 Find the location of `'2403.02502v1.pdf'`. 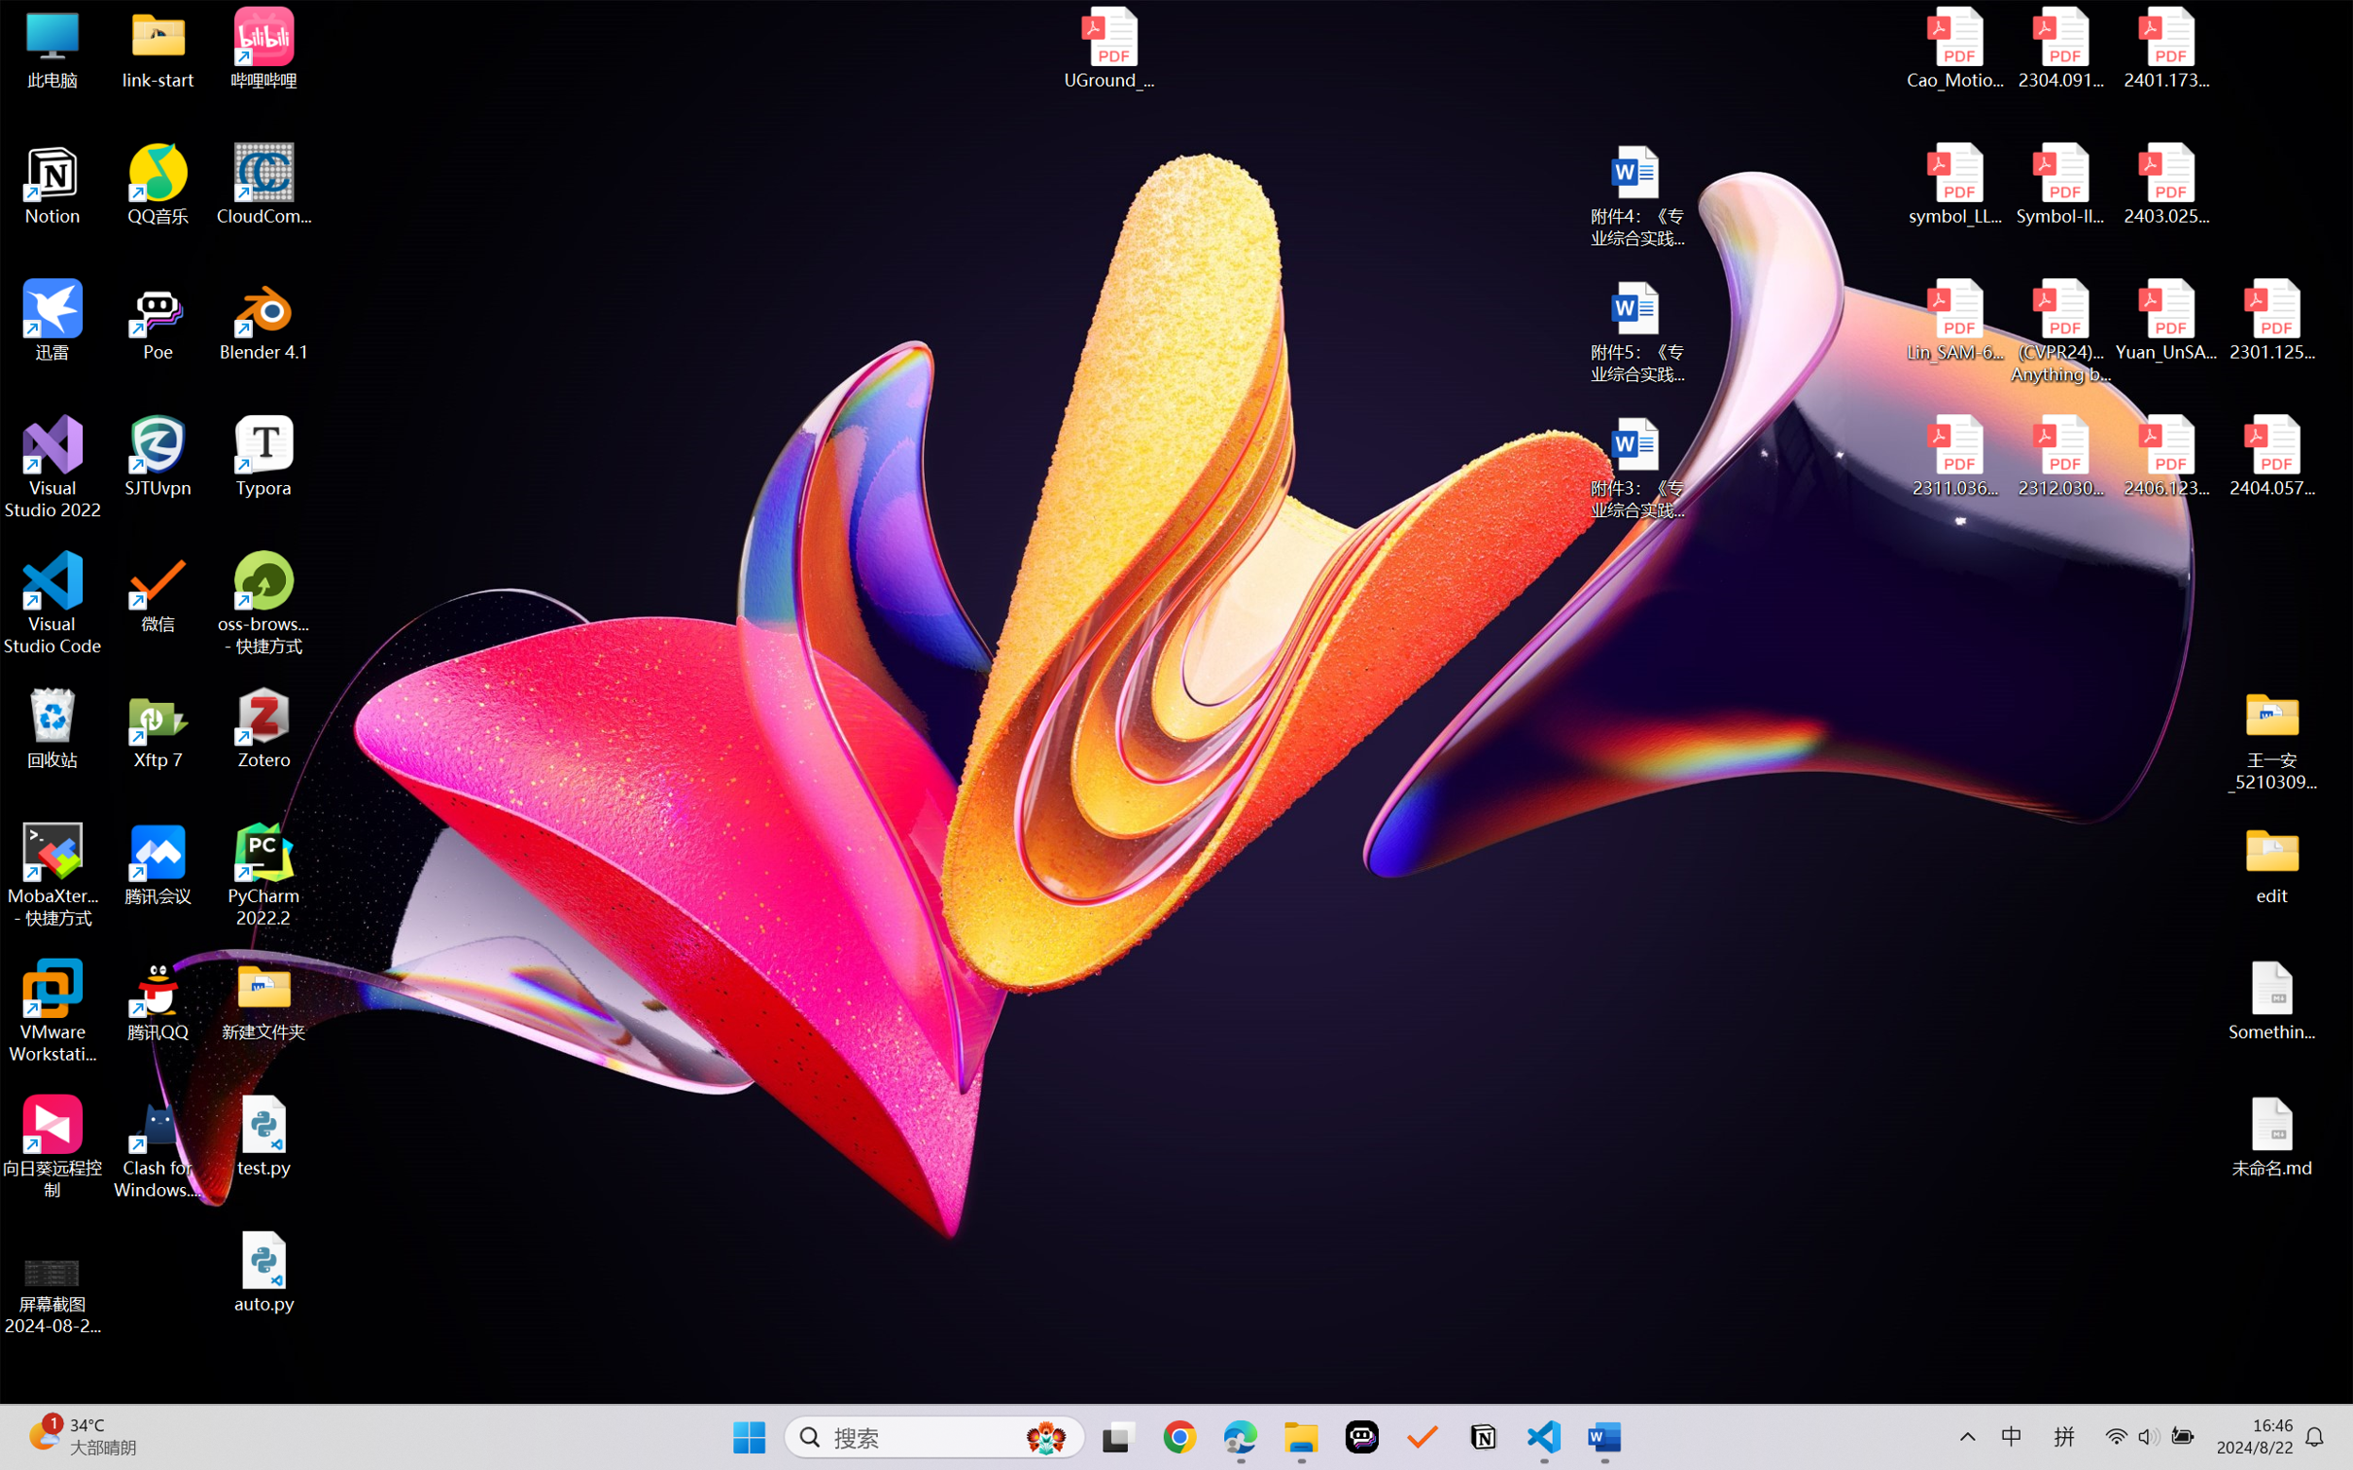

'2403.02502v1.pdf' is located at coordinates (2164, 185).